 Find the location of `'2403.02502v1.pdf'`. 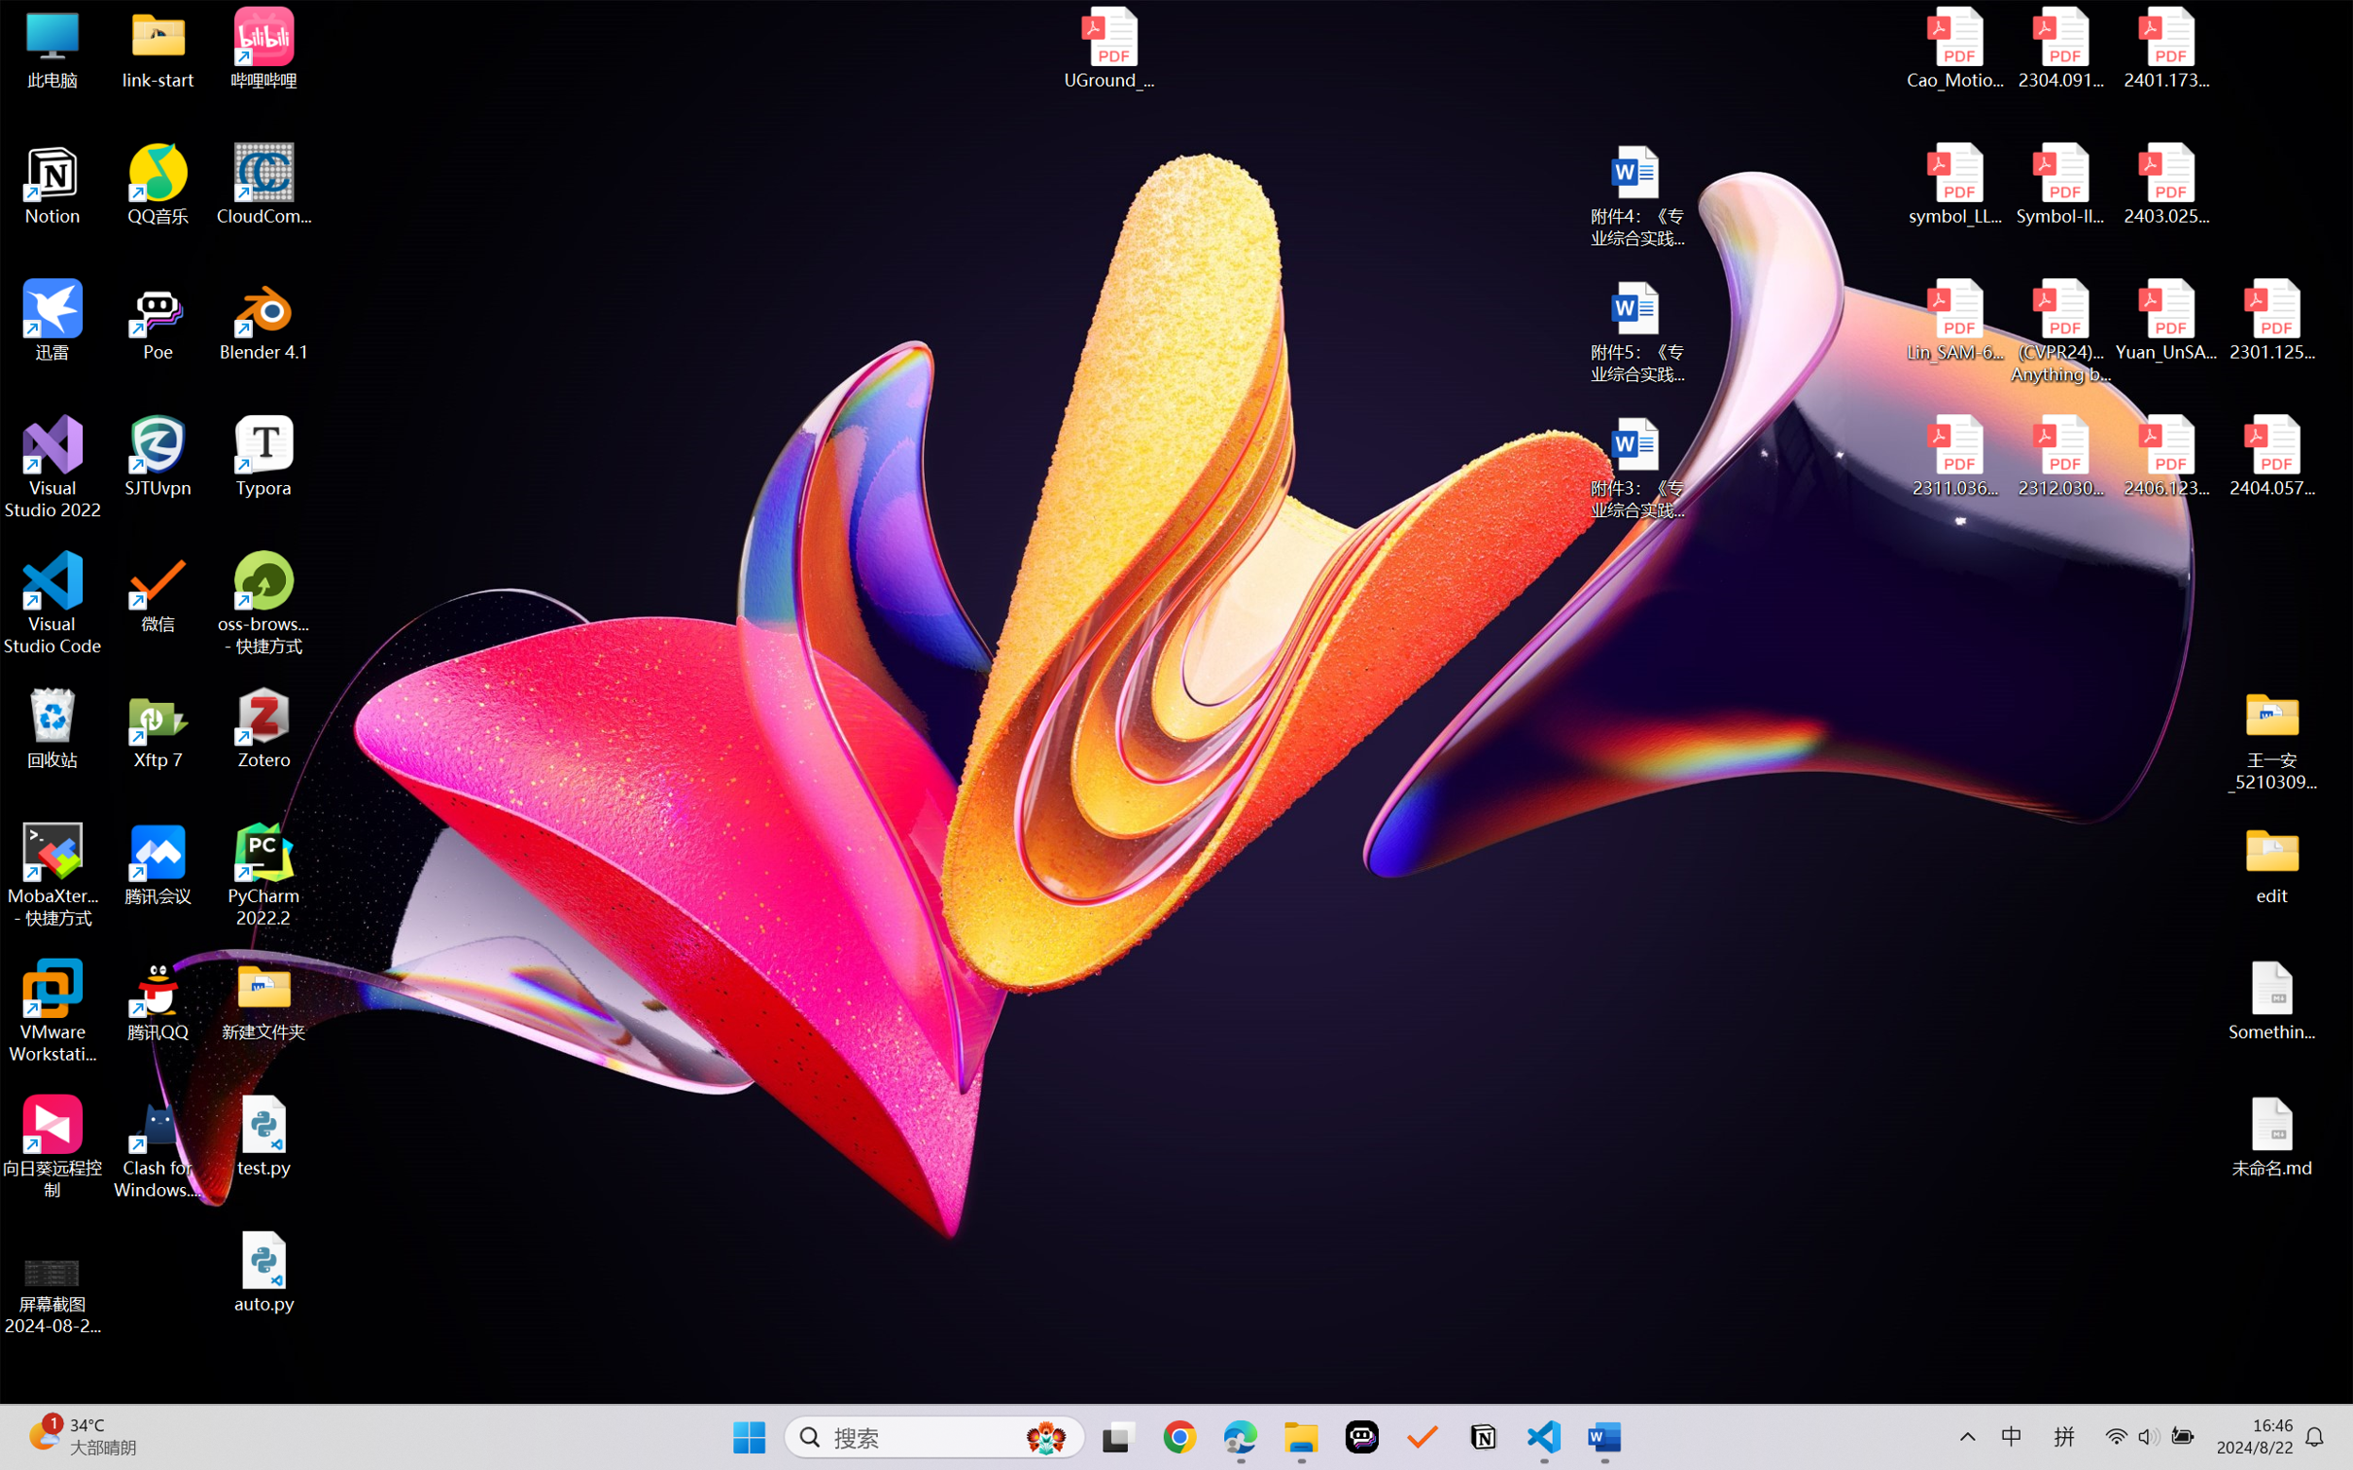

'2403.02502v1.pdf' is located at coordinates (2164, 185).